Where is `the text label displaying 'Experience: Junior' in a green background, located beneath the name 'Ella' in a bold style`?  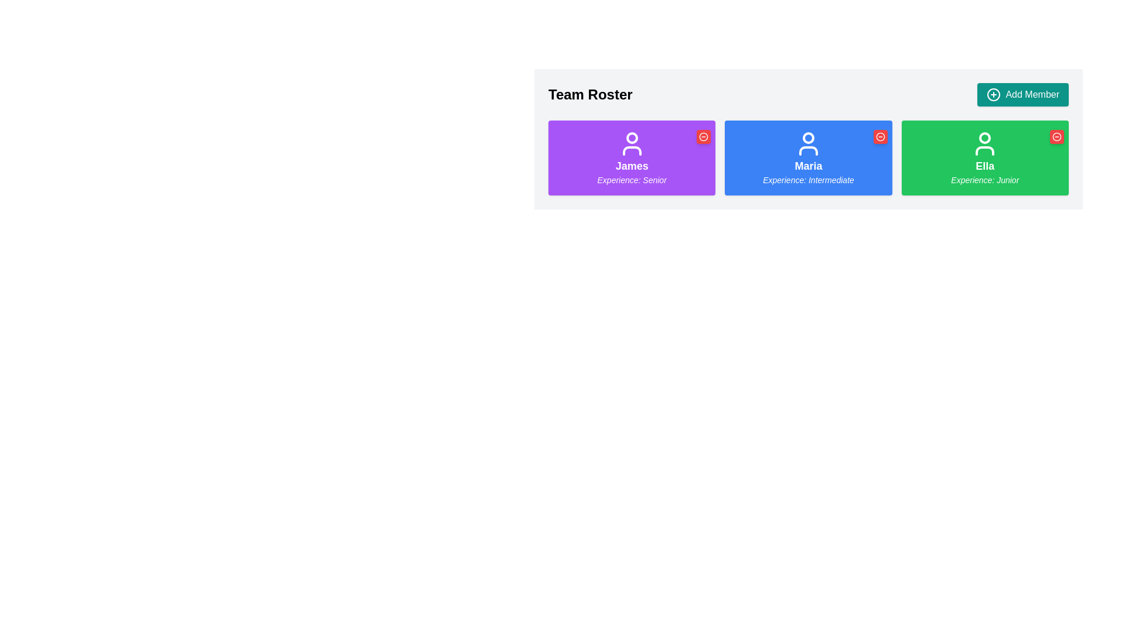
the text label displaying 'Experience: Junior' in a green background, located beneath the name 'Ella' in a bold style is located at coordinates (984, 180).